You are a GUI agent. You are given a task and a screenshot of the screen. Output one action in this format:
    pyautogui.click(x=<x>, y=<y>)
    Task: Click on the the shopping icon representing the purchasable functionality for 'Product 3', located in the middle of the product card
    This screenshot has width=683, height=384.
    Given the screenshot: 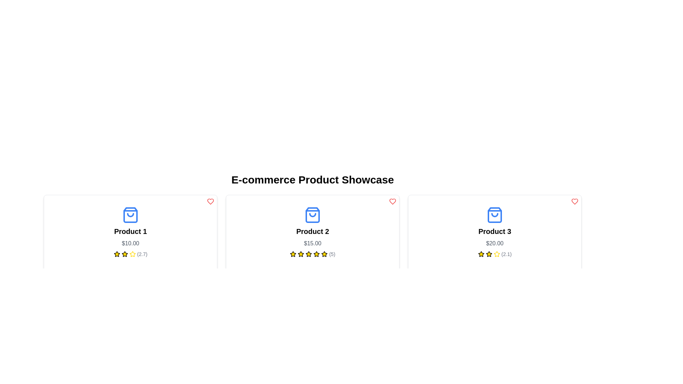 What is the action you would take?
    pyautogui.click(x=494, y=215)
    